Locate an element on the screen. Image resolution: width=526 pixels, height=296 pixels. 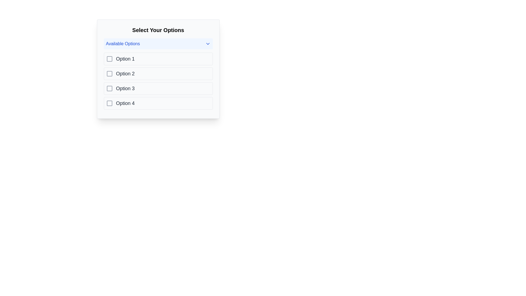
the checkbox labeled 'Option 4' is located at coordinates (158, 103).